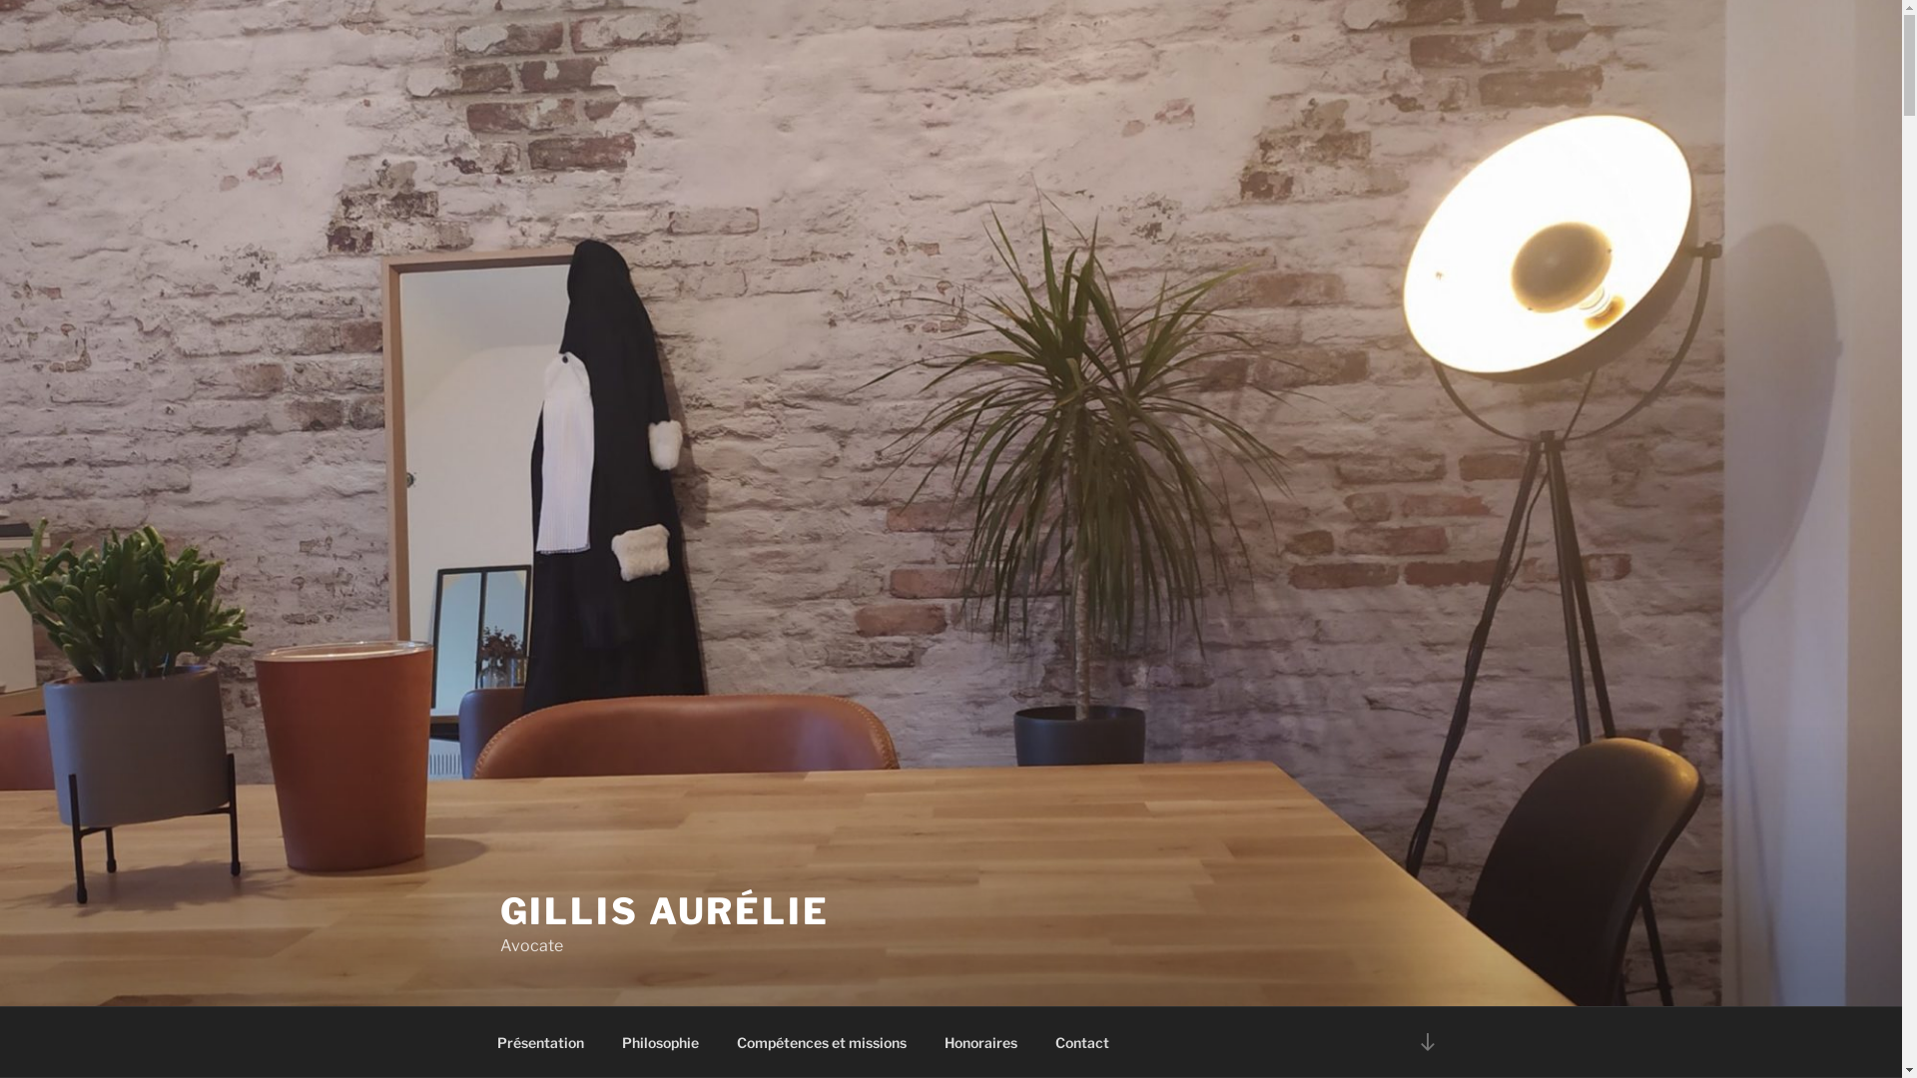 The image size is (1917, 1078). What do you see at coordinates (980, 1041) in the screenshot?
I see `'Honoraires'` at bounding box center [980, 1041].